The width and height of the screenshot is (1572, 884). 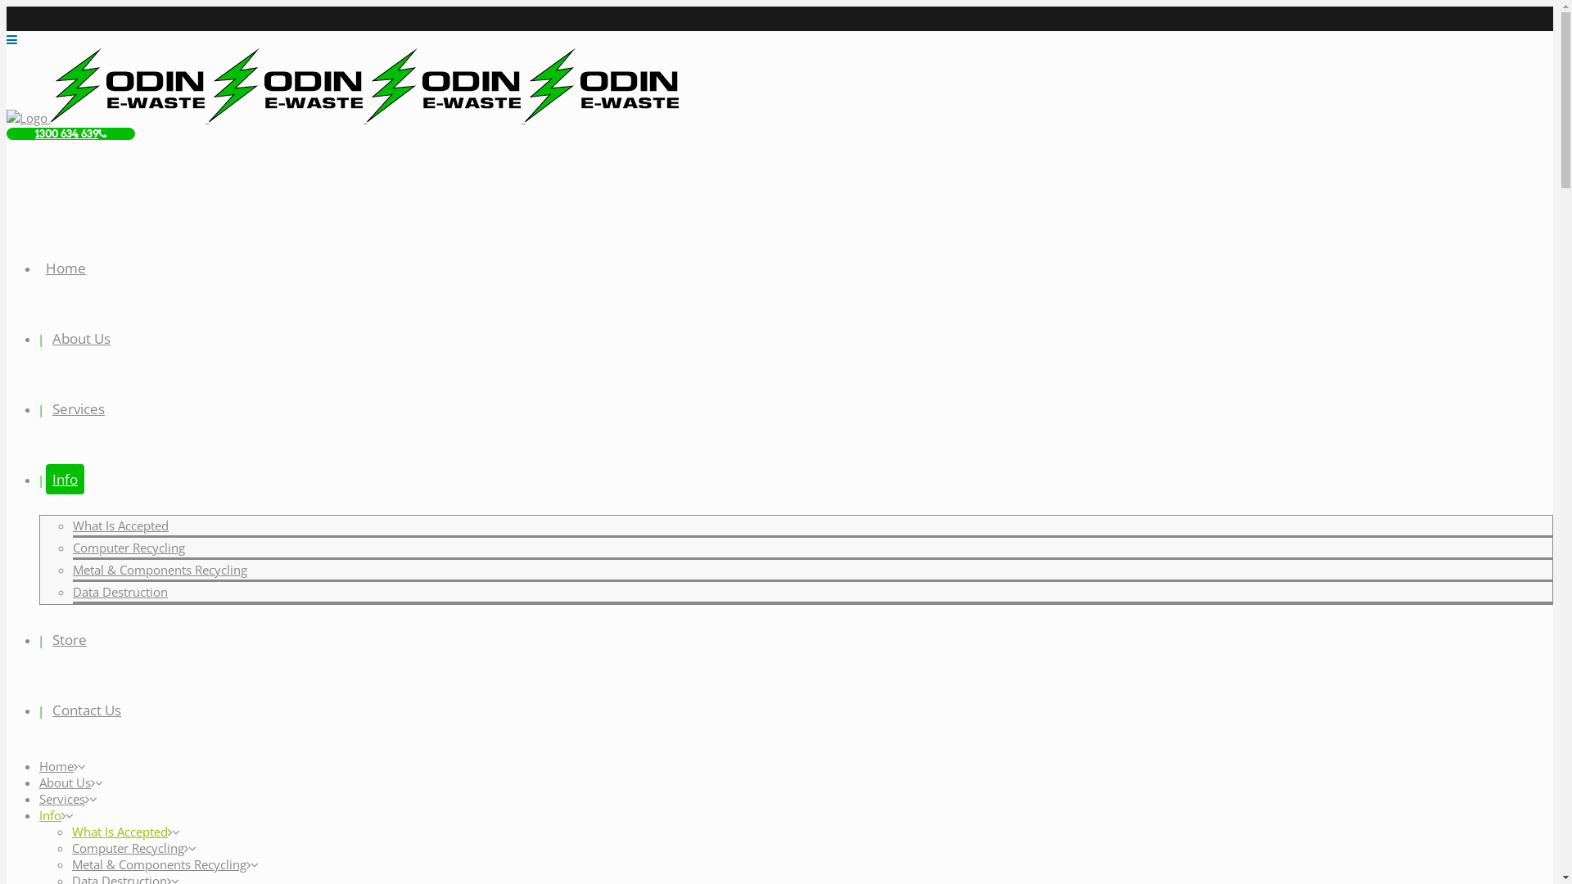 What do you see at coordinates (62, 797) in the screenshot?
I see `'Services'` at bounding box center [62, 797].